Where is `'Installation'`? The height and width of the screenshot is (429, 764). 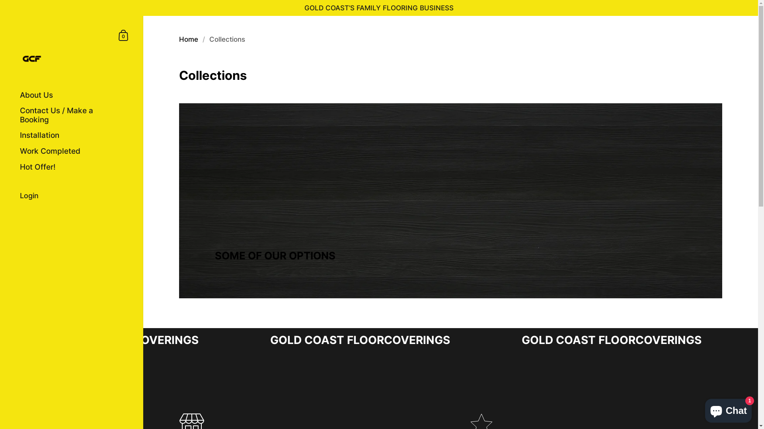 'Installation' is located at coordinates (71, 135).